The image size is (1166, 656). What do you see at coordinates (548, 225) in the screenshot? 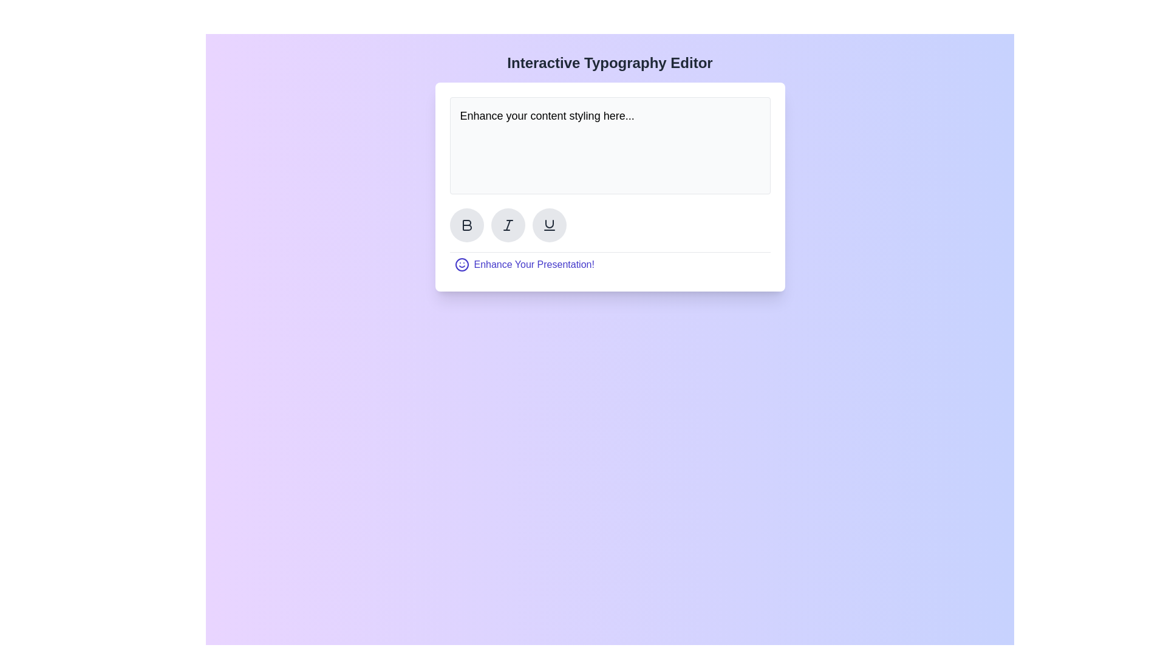
I see `the underline button, which is the third button in a horizontal sequence of format tools below the text area` at bounding box center [548, 225].